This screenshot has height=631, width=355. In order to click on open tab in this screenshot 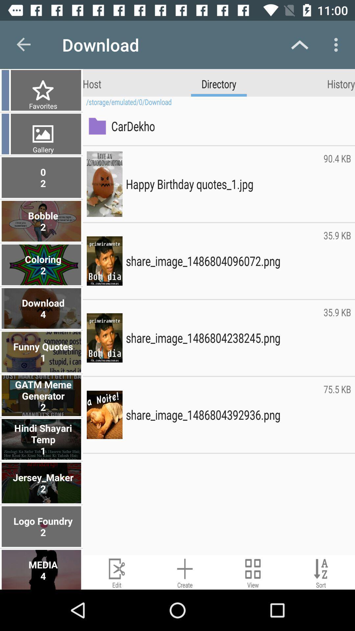, I will do `click(252, 572)`.